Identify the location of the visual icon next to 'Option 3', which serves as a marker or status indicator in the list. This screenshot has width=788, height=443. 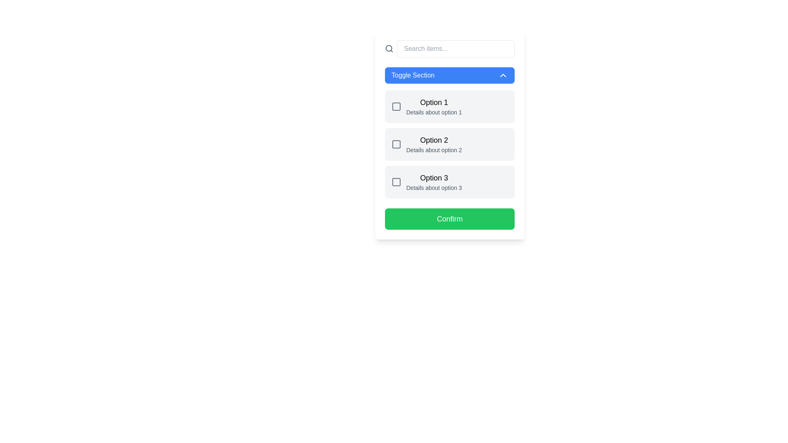
(396, 181).